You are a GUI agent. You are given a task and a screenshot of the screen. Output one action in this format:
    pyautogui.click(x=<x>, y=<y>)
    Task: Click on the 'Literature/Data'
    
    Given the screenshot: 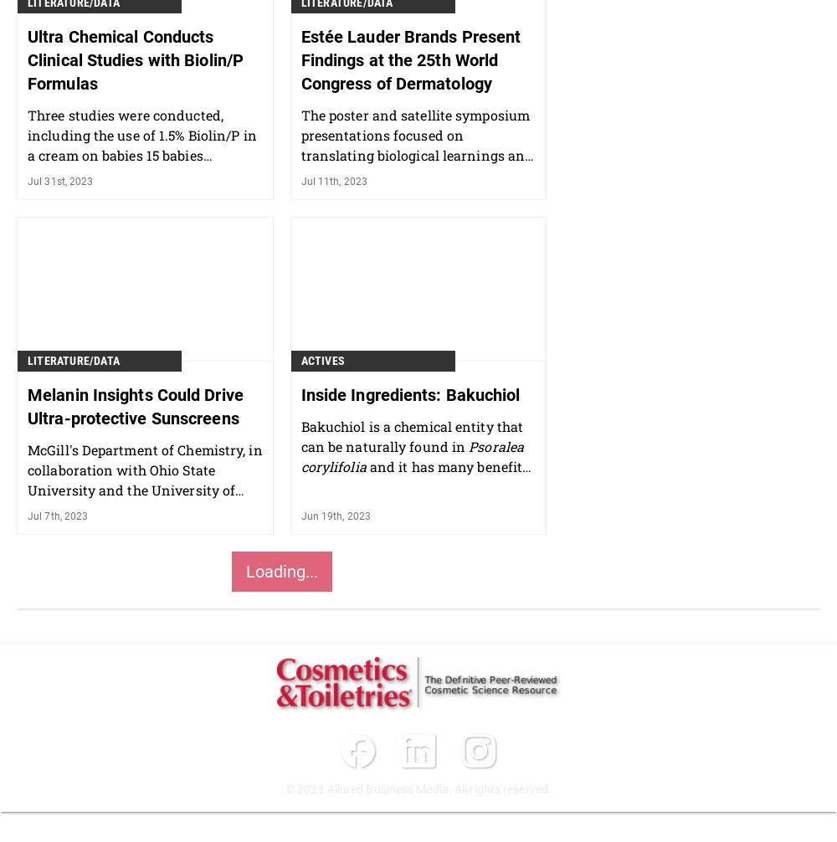 What is the action you would take?
    pyautogui.click(x=73, y=358)
    